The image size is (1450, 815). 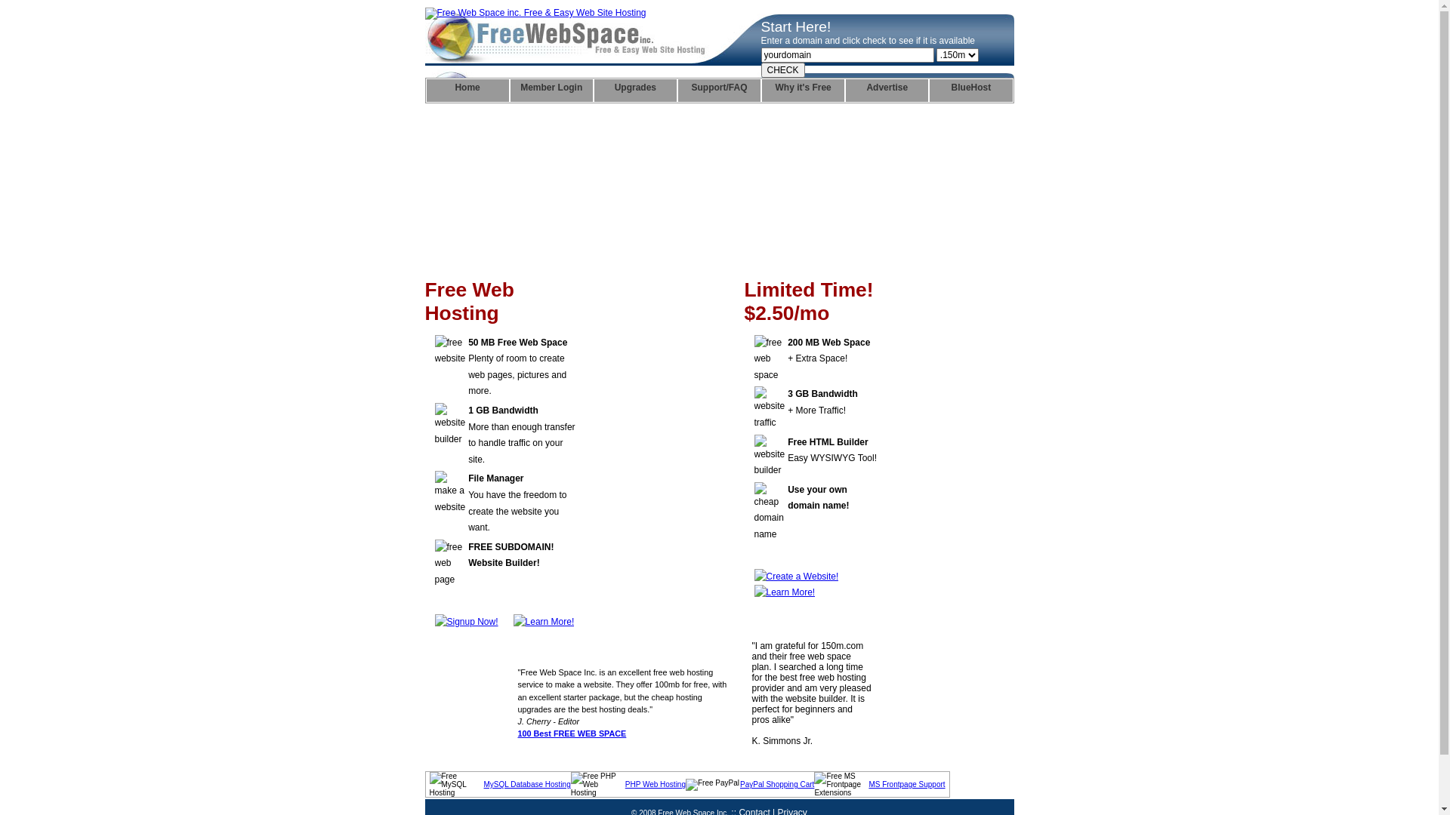 I want to click on '100 Best FREE WEB SPACE', so click(x=518, y=733).